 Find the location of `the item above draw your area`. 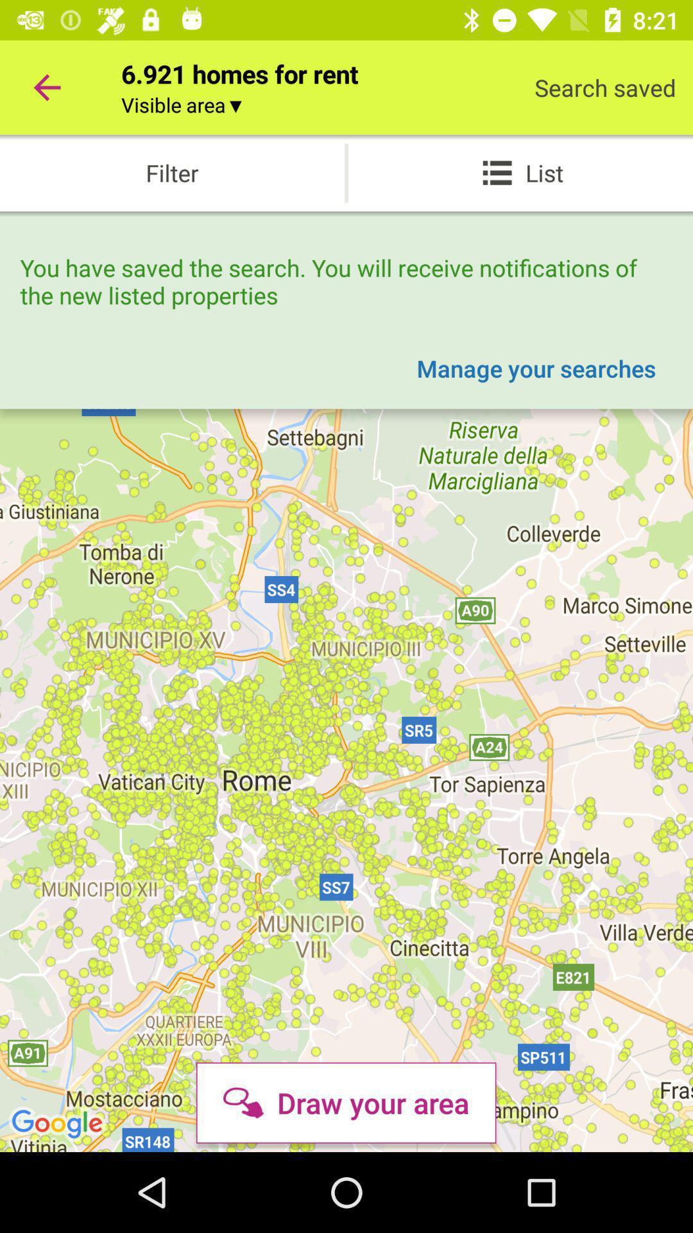

the item above draw your area is located at coordinates (536, 367).